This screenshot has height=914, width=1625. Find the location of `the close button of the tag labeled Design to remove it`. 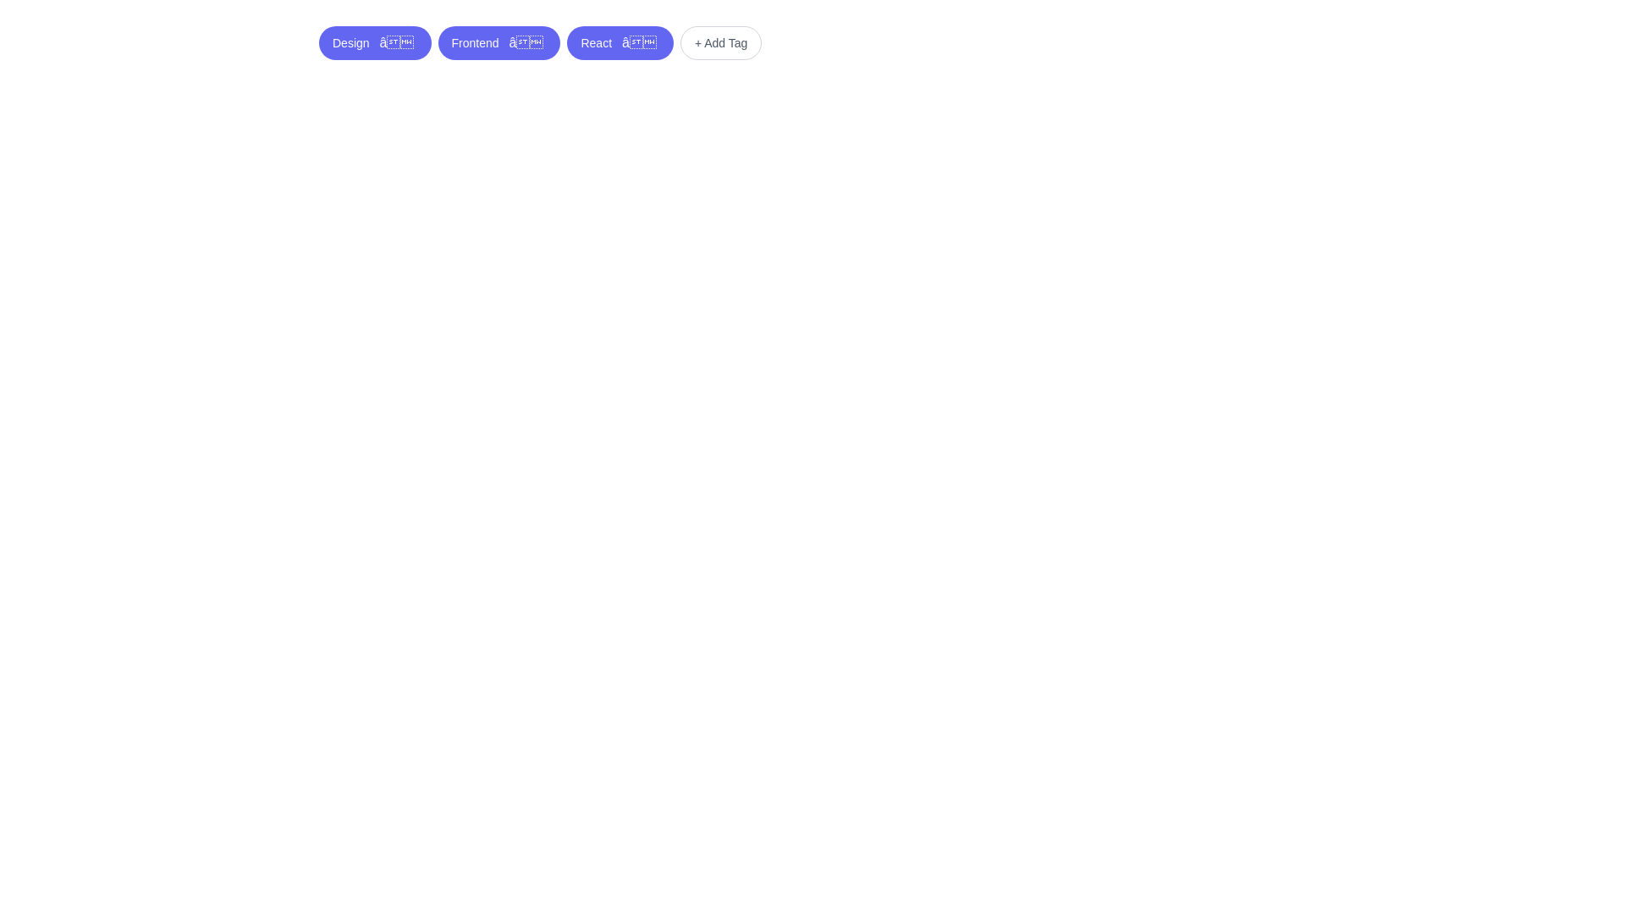

the close button of the tag labeled Design to remove it is located at coordinates (396, 41).